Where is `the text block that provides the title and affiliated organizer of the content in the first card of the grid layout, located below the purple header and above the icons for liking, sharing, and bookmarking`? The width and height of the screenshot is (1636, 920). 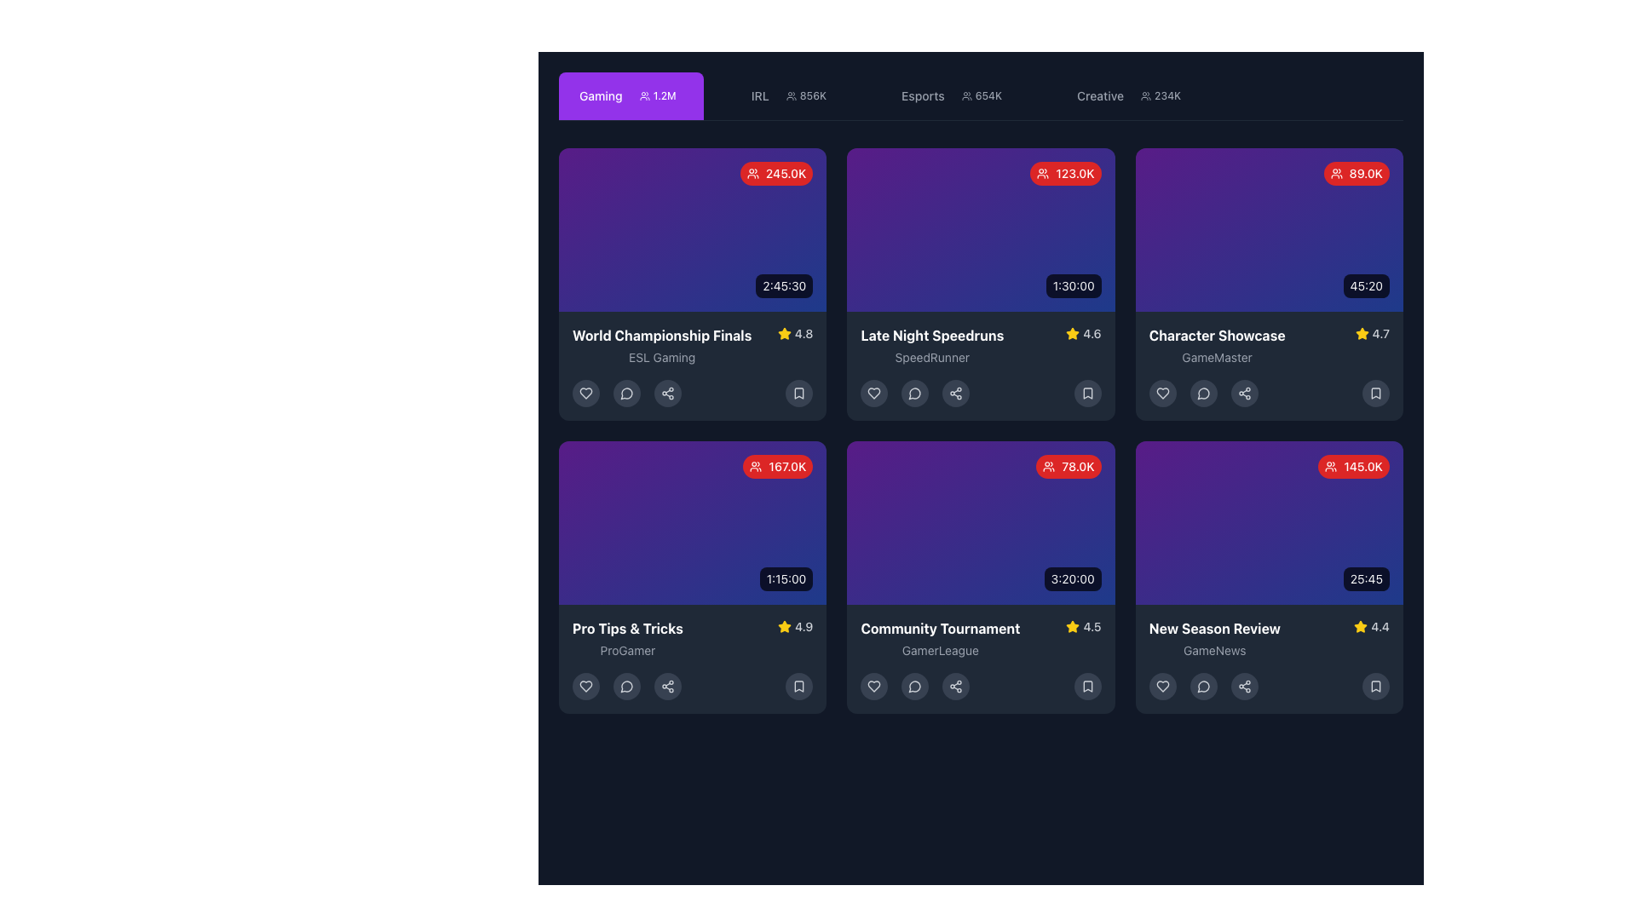
the text block that provides the title and affiliated organizer of the content in the first card of the grid layout, located below the purple header and above the icons for liking, sharing, and bookmarking is located at coordinates (661, 345).